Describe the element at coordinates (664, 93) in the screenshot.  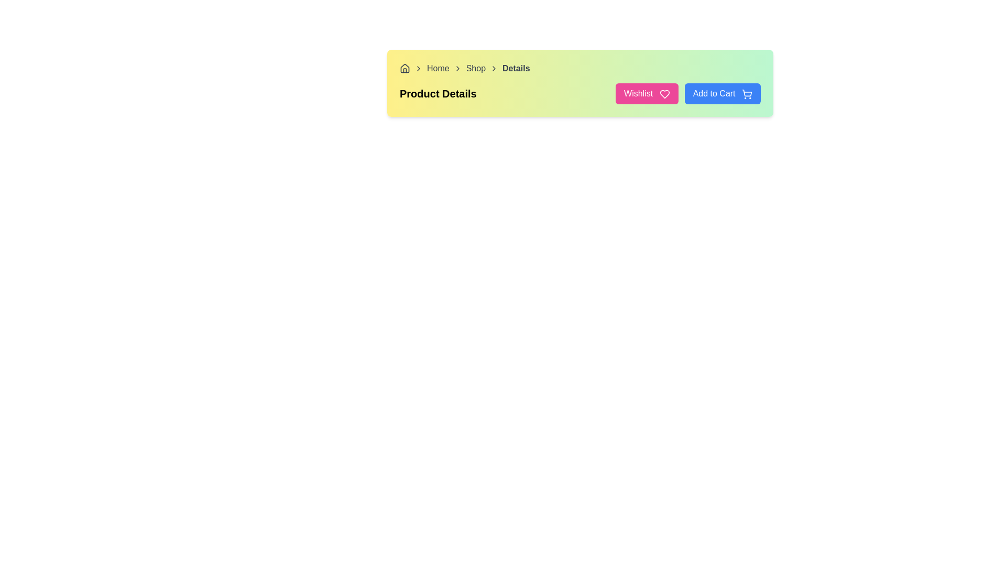
I see `the visual representation of the pink heart-shaped icon located within the 'Wishlist' button, which is situated to the left of the 'Add to Cart' button on the right side of the toolbar near the top of the interface` at that location.